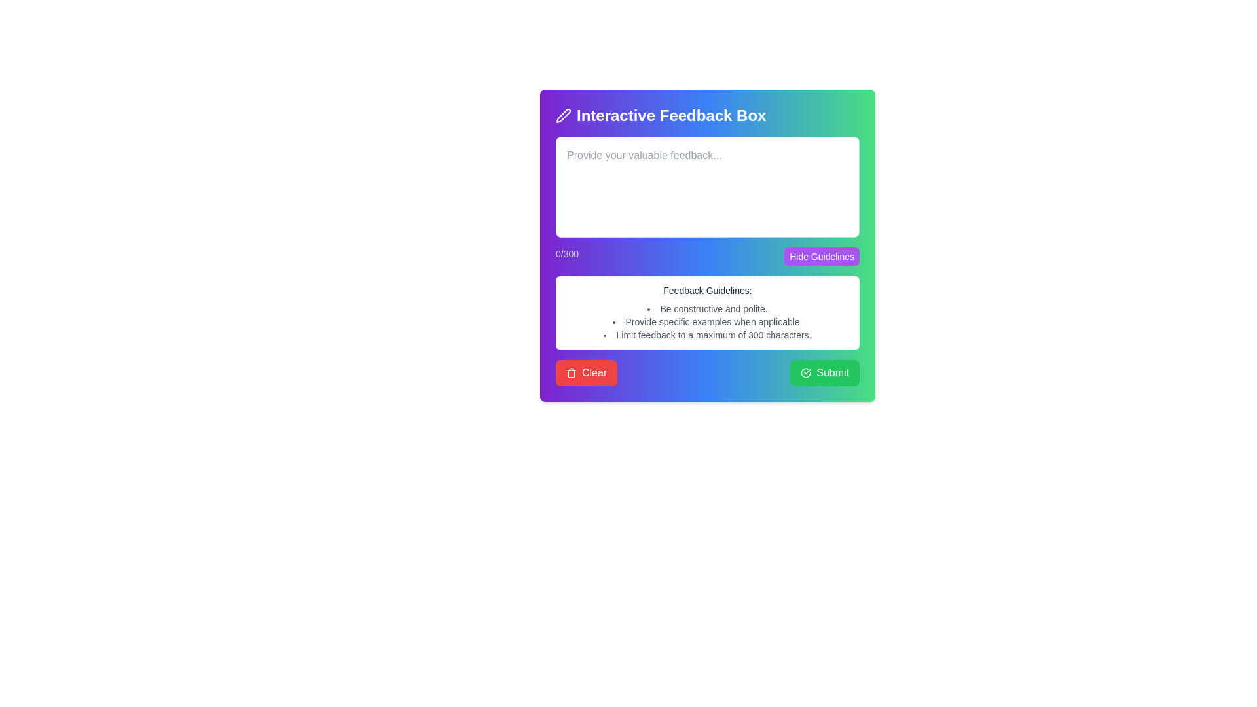 The image size is (1257, 707). I want to click on the pen icon located next to the title 'Interactive Feedback Box' in the top-left corner of the interface, which is the only icon of its style in this area, so click(563, 115).